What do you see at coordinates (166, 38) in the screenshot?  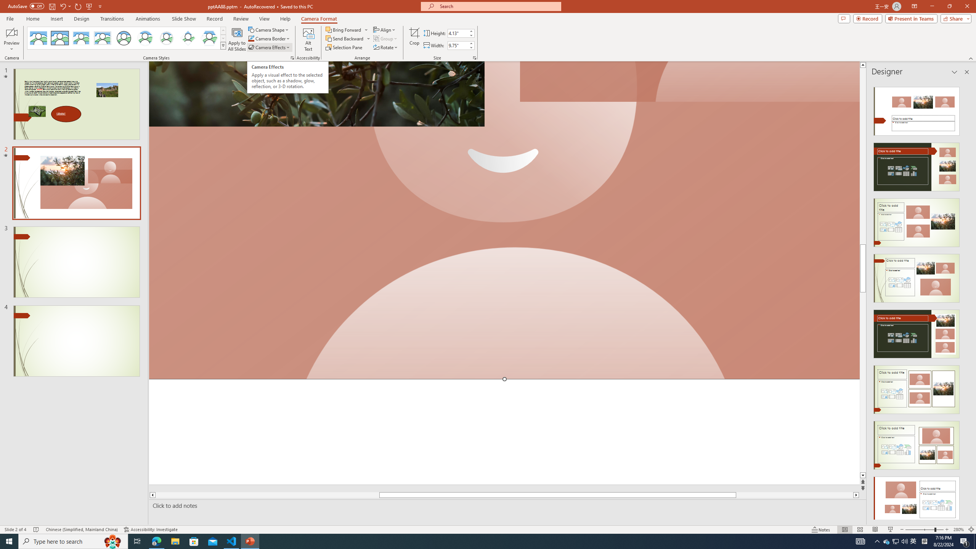 I see `'Soft Edge Circle'` at bounding box center [166, 38].